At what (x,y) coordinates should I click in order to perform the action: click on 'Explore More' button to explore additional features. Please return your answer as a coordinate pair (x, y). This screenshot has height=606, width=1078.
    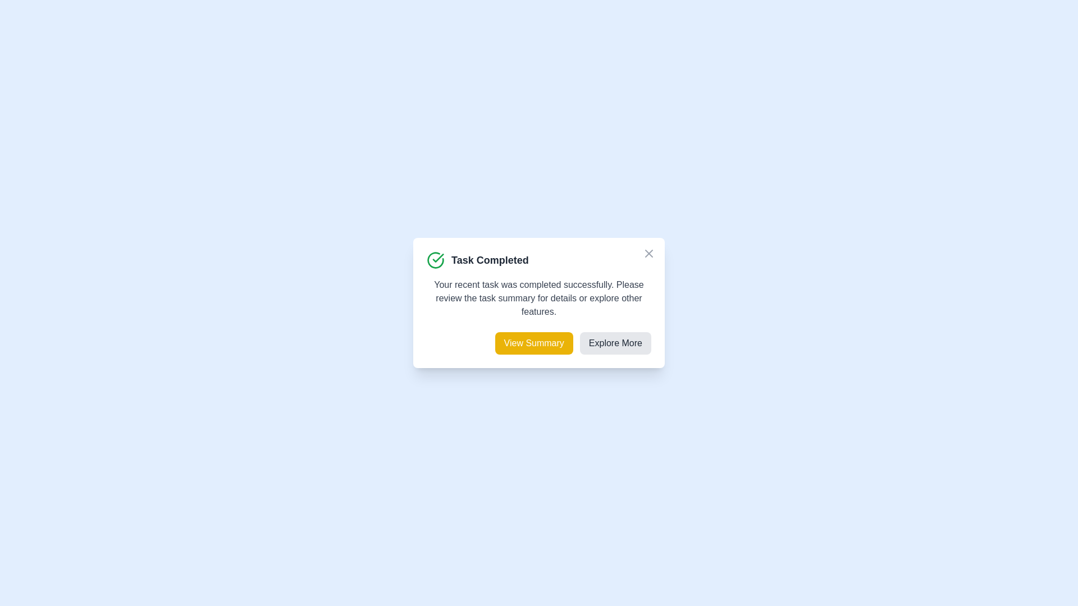
    Looking at the image, I should click on (614, 343).